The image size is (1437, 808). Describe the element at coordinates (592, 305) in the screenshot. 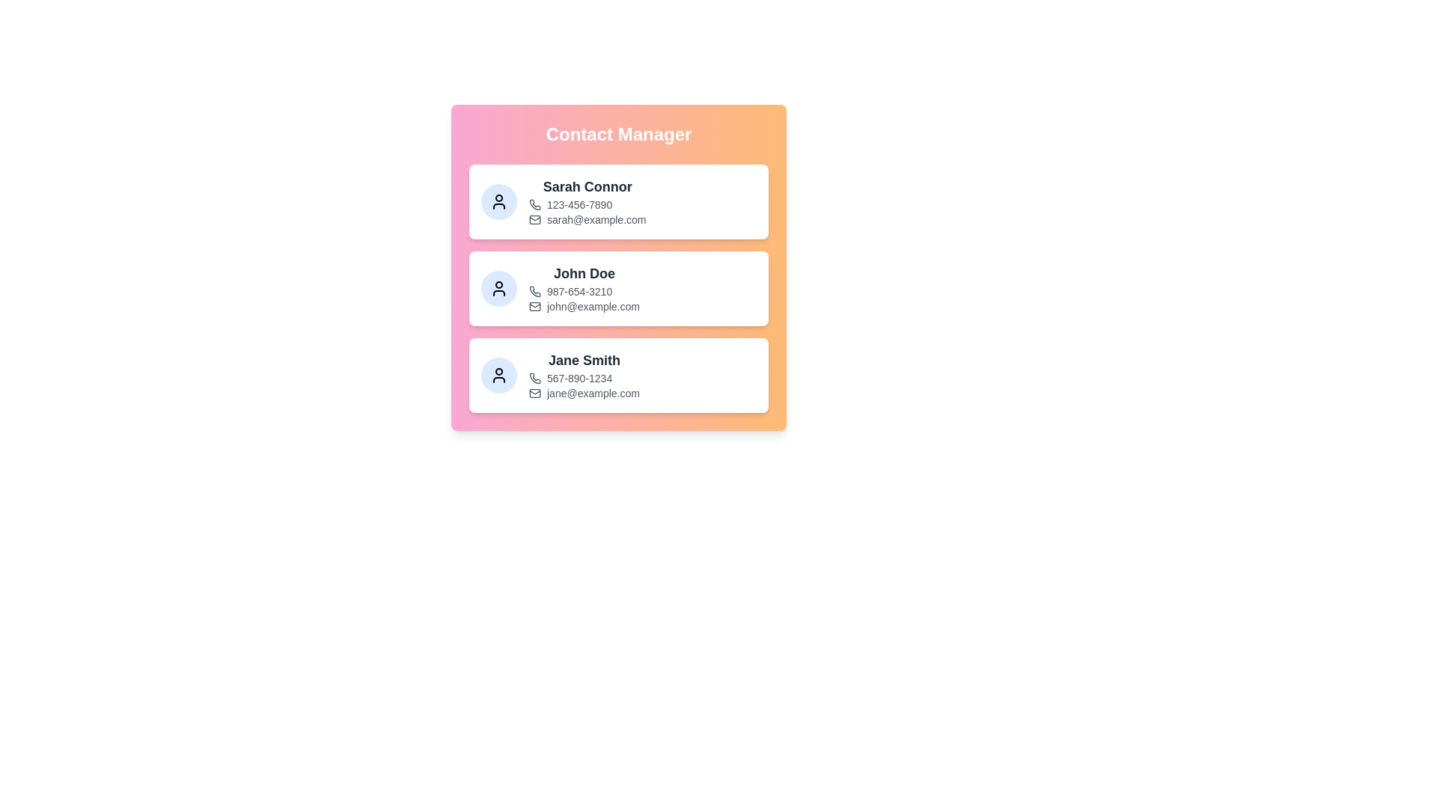

I see `the email address of John Doe` at that location.